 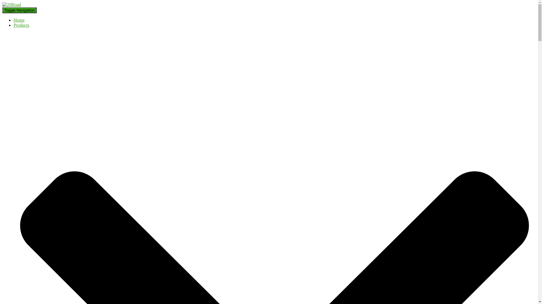 What do you see at coordinates (19, 20) in the screenshot?
I see `'Home'` at bounding box center [19, 20].